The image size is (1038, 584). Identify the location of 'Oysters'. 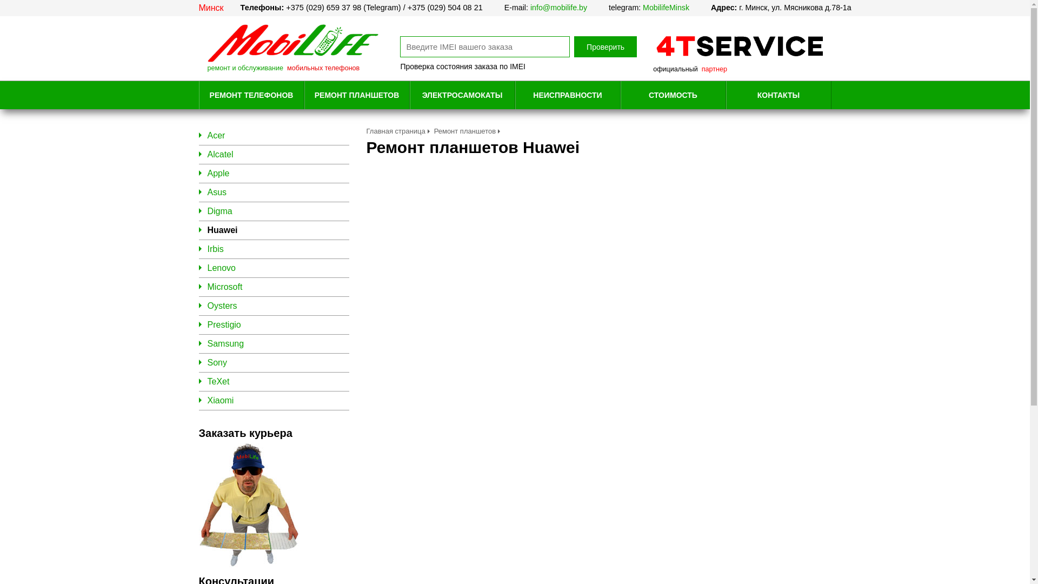
(222, 306).